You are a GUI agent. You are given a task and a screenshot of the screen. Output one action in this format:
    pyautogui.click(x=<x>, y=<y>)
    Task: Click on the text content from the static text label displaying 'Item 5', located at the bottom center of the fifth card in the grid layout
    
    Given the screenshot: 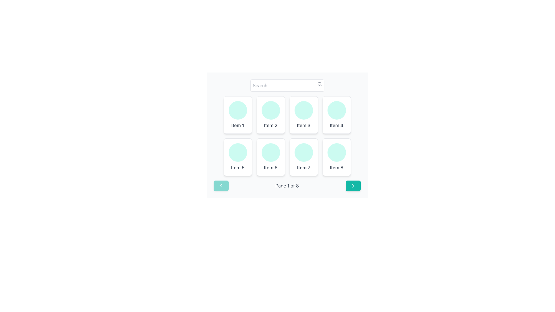 What is the action you would take?
    pyautogui.click(x=238, y=167)
    